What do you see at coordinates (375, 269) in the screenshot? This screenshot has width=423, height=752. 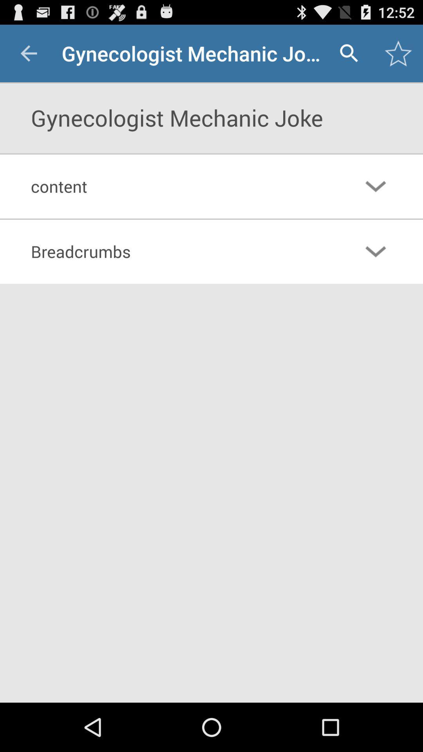 I see `the expand_more icon` at bounding box center [375, 269].